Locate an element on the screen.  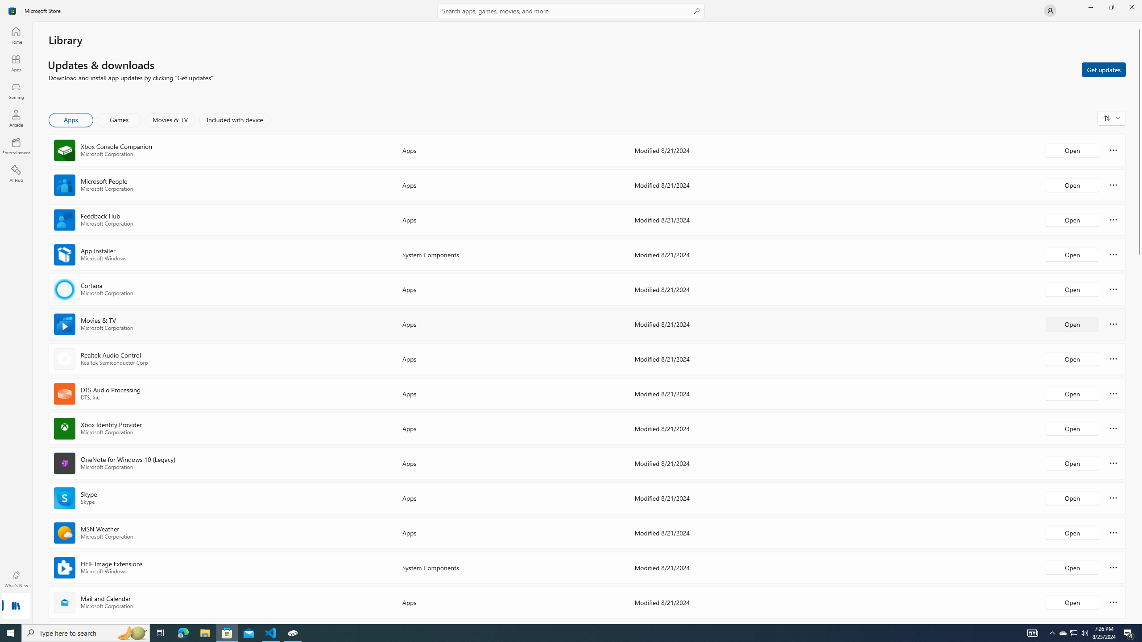
'Sort and filter' is located at coordinates (1111, 118).